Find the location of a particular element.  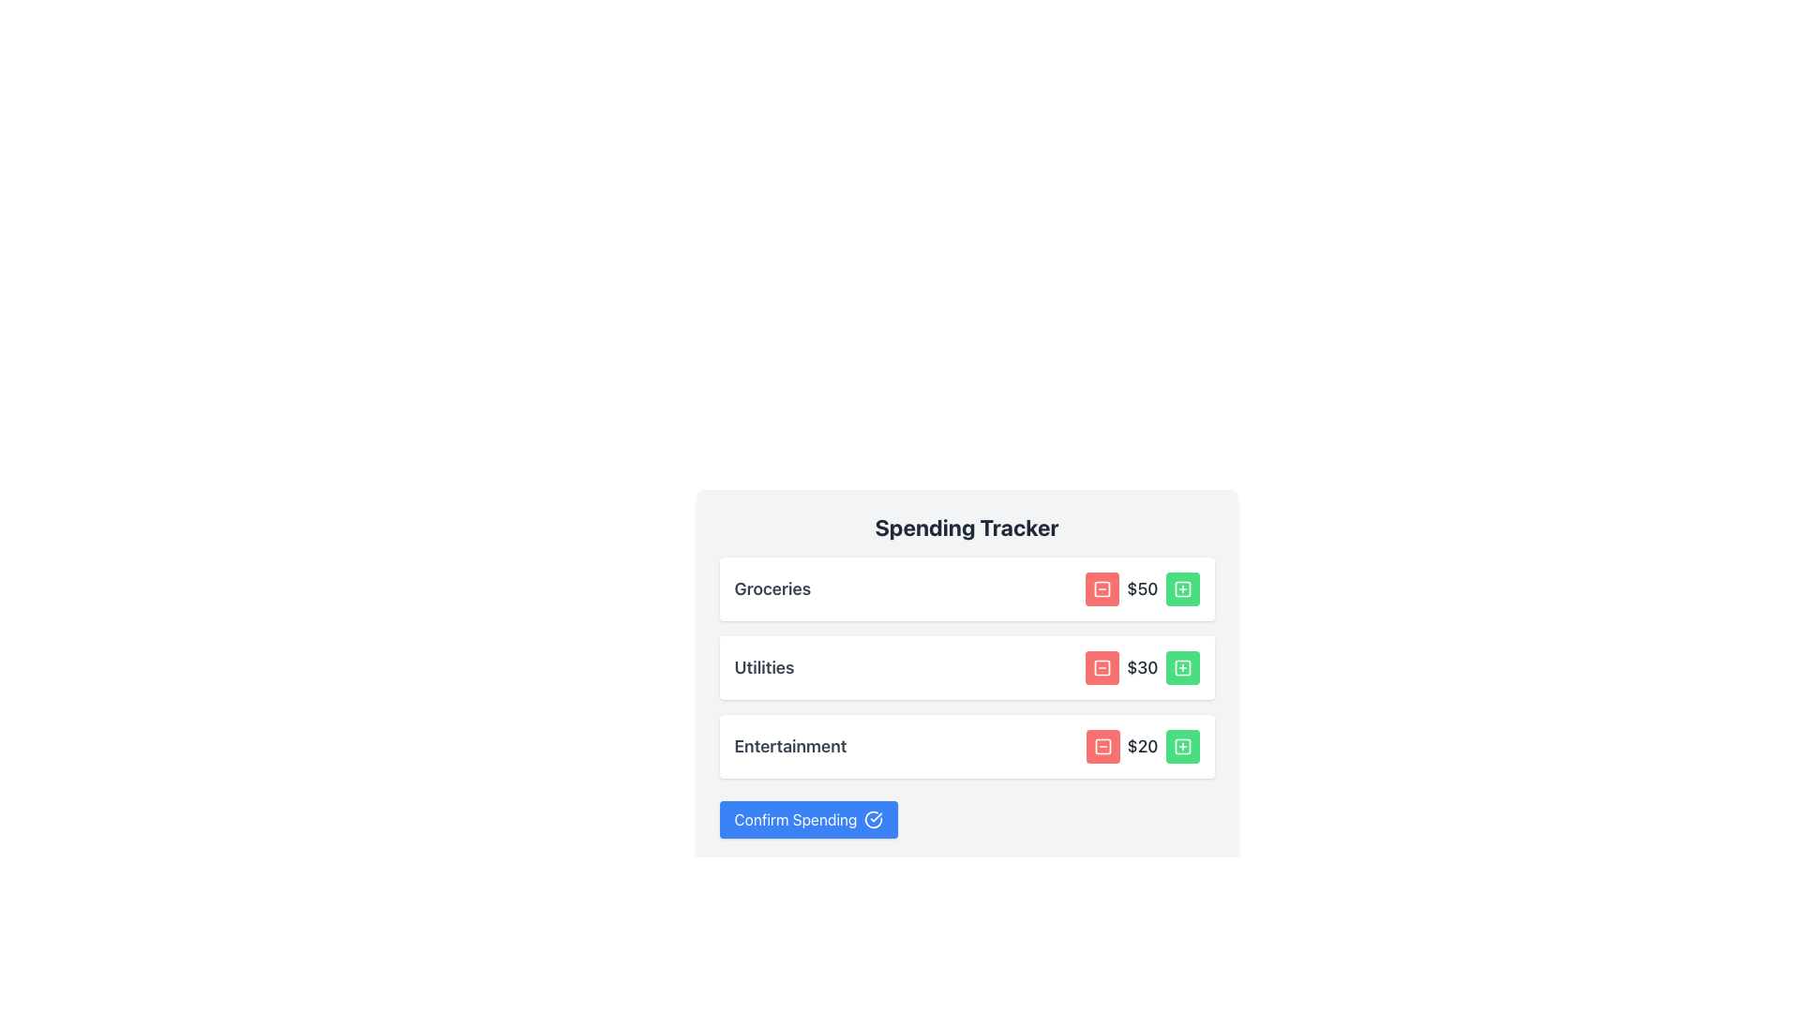

the red button with a minus sign located to the left of the '$20' text is located at coordinates (1102, 746).